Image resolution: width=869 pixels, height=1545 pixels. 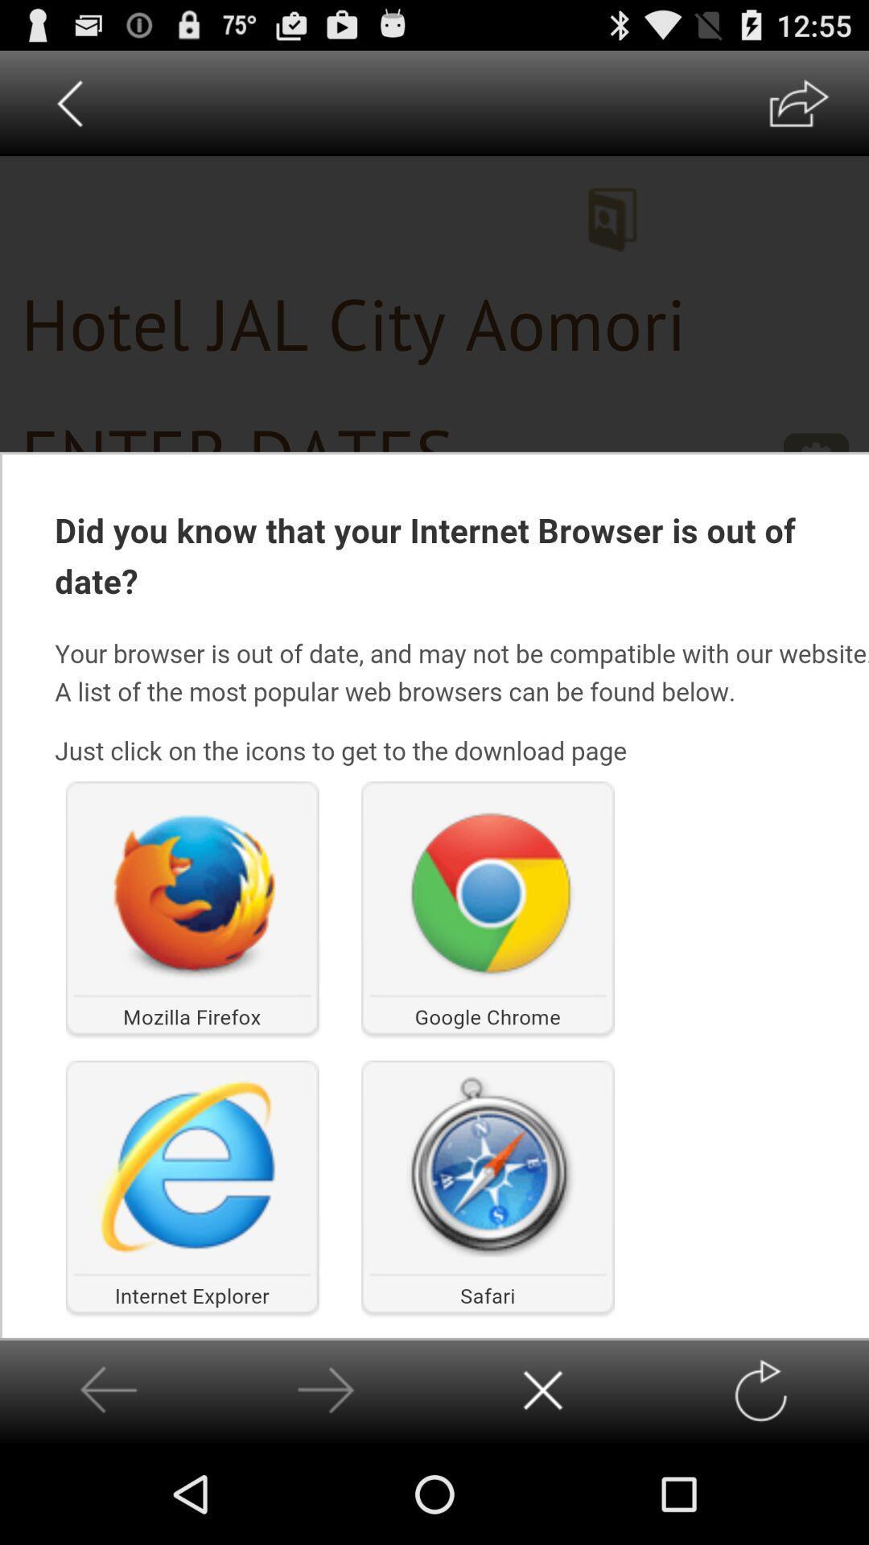 I want to click on close, so click(x=543, y=1390).